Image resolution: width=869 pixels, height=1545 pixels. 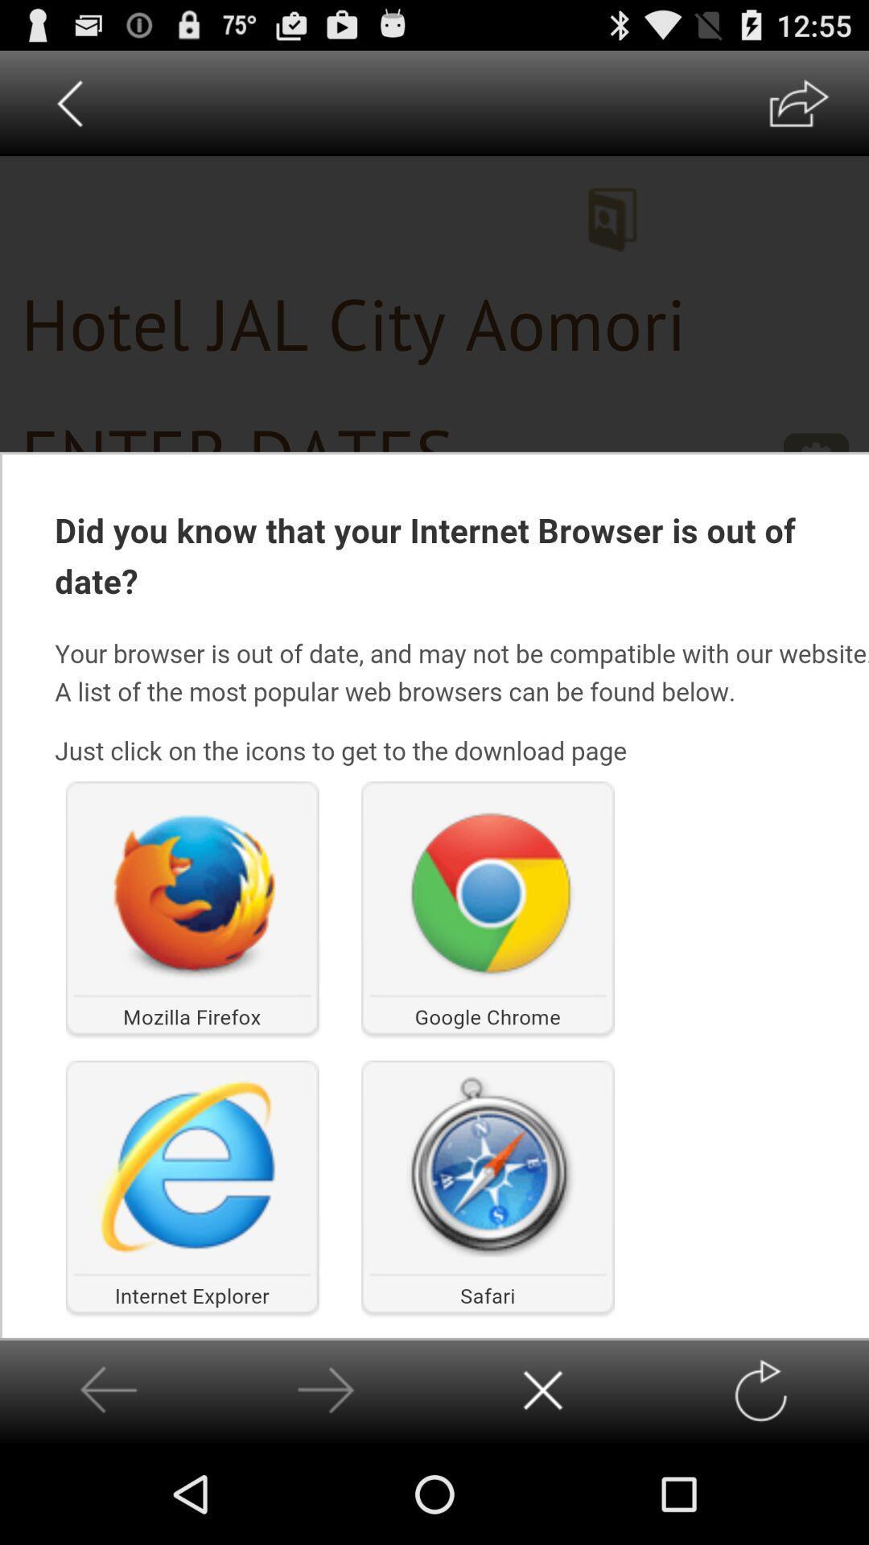 I want to click on close, so click(x=543, y=1390).